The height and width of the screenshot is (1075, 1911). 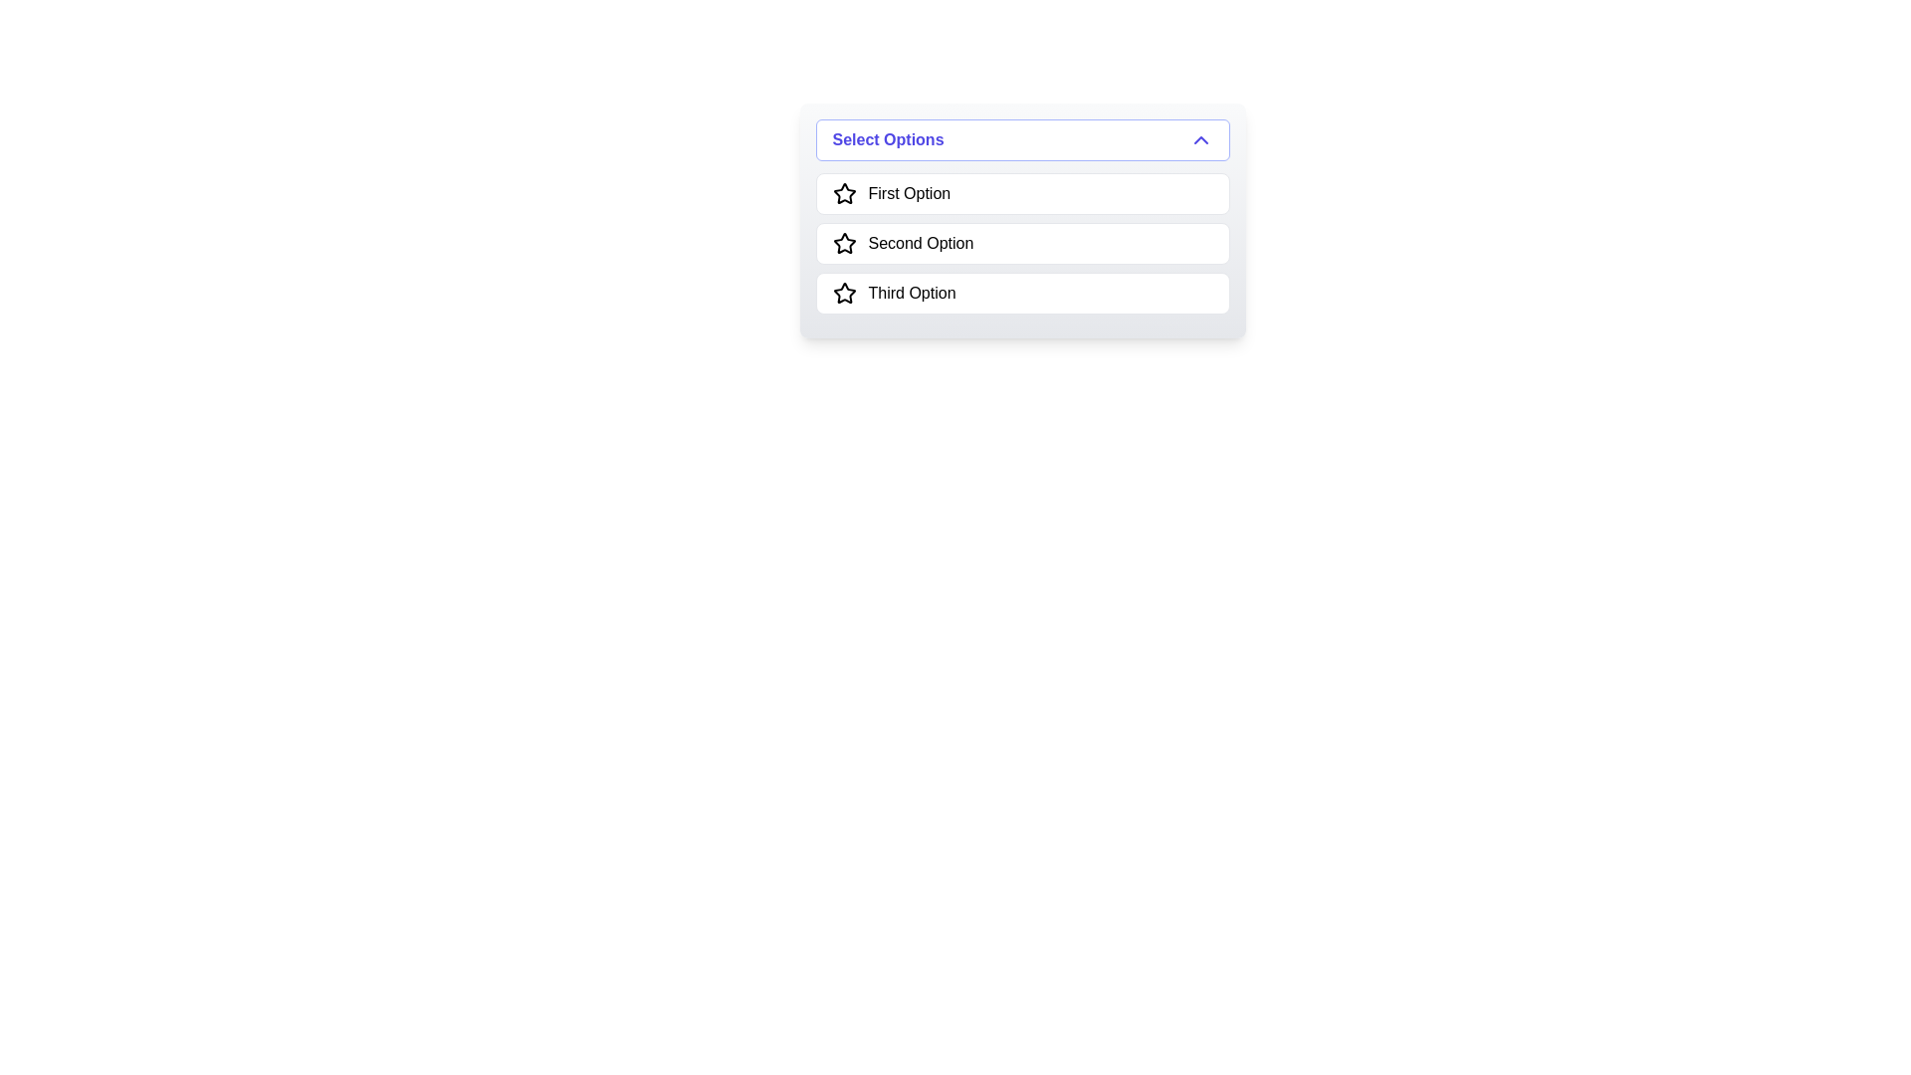 What do you see at coordinates (893, 293) in the screenshot?
I see `the third option in the selectable list item within the dropdown menu` at bounding box center [893, 293].